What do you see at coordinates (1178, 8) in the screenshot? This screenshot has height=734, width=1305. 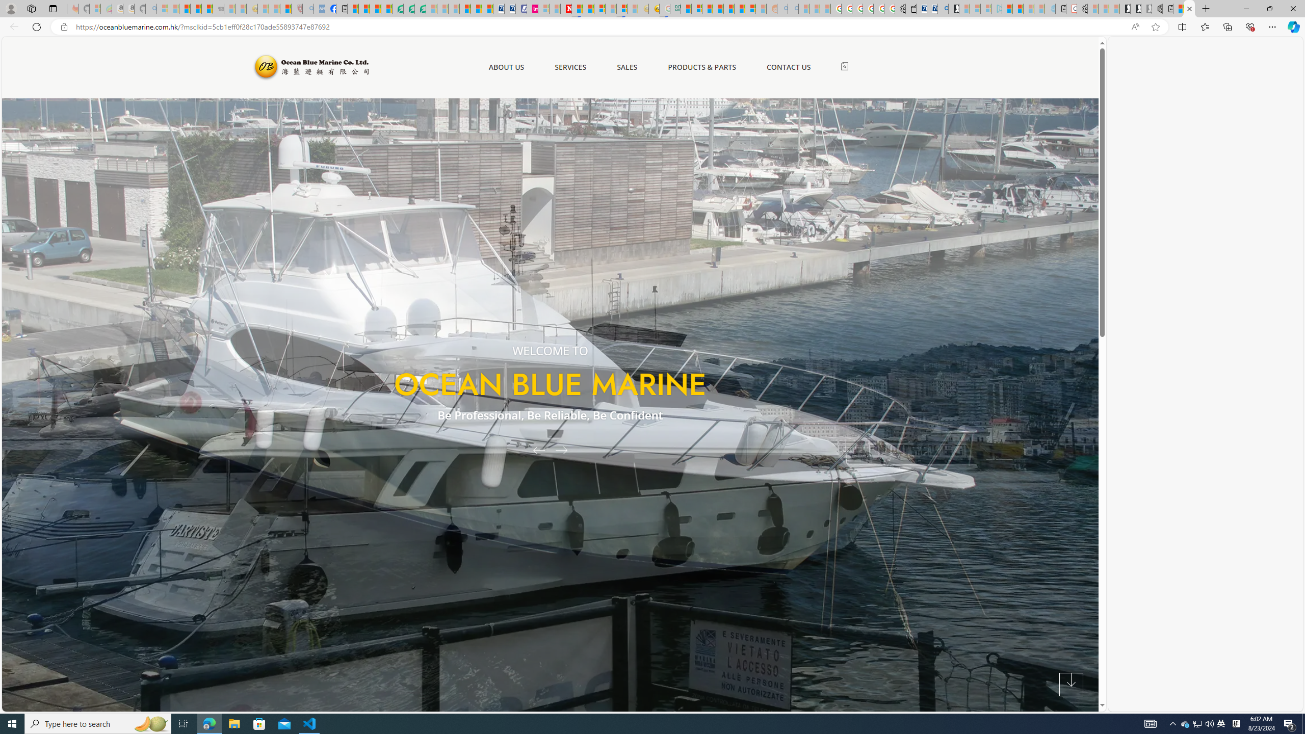 I see `'Aberdeen, Hong Kong SAR hourly forecast | Microsoft Weather'` at bounding box center [1178, 8].